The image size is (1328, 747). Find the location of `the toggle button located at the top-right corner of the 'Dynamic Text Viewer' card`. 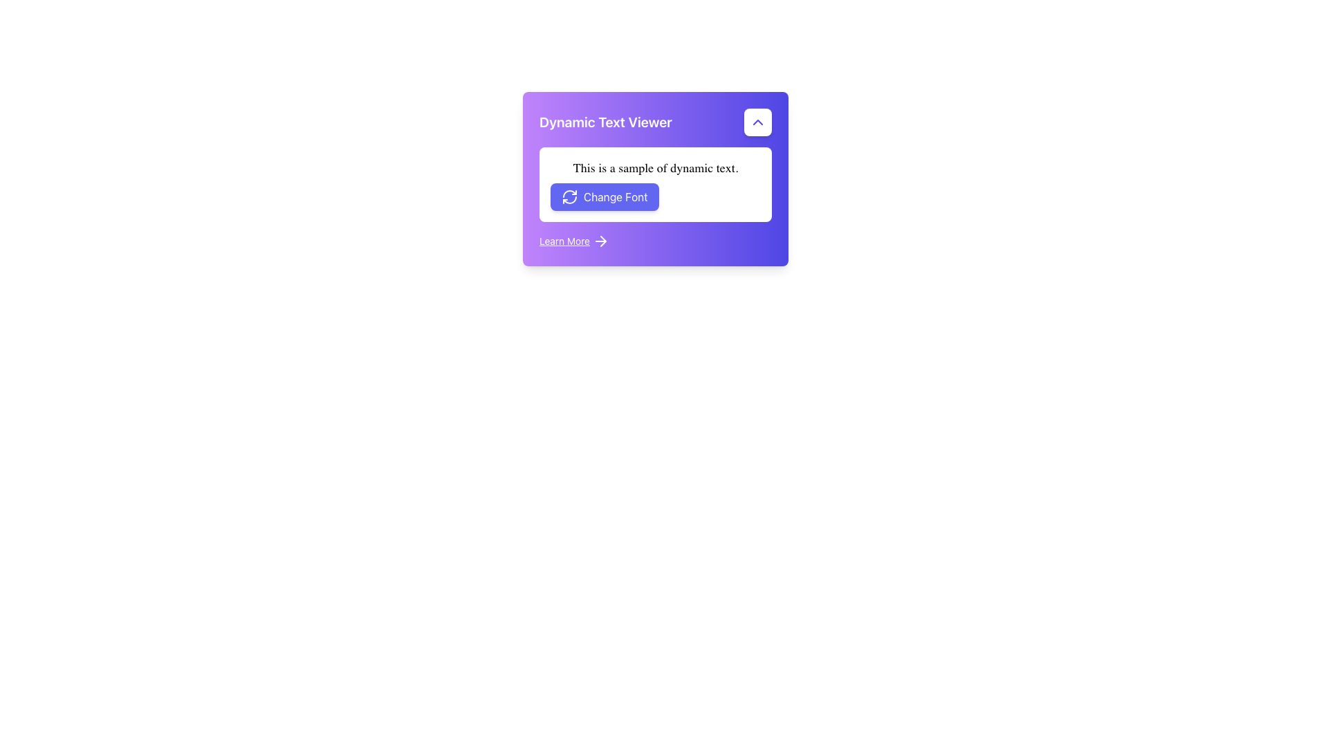

the toggle button located at the top-right corner of the 'Dynamic Text Viewer' card is located at coordinates (757, 122).